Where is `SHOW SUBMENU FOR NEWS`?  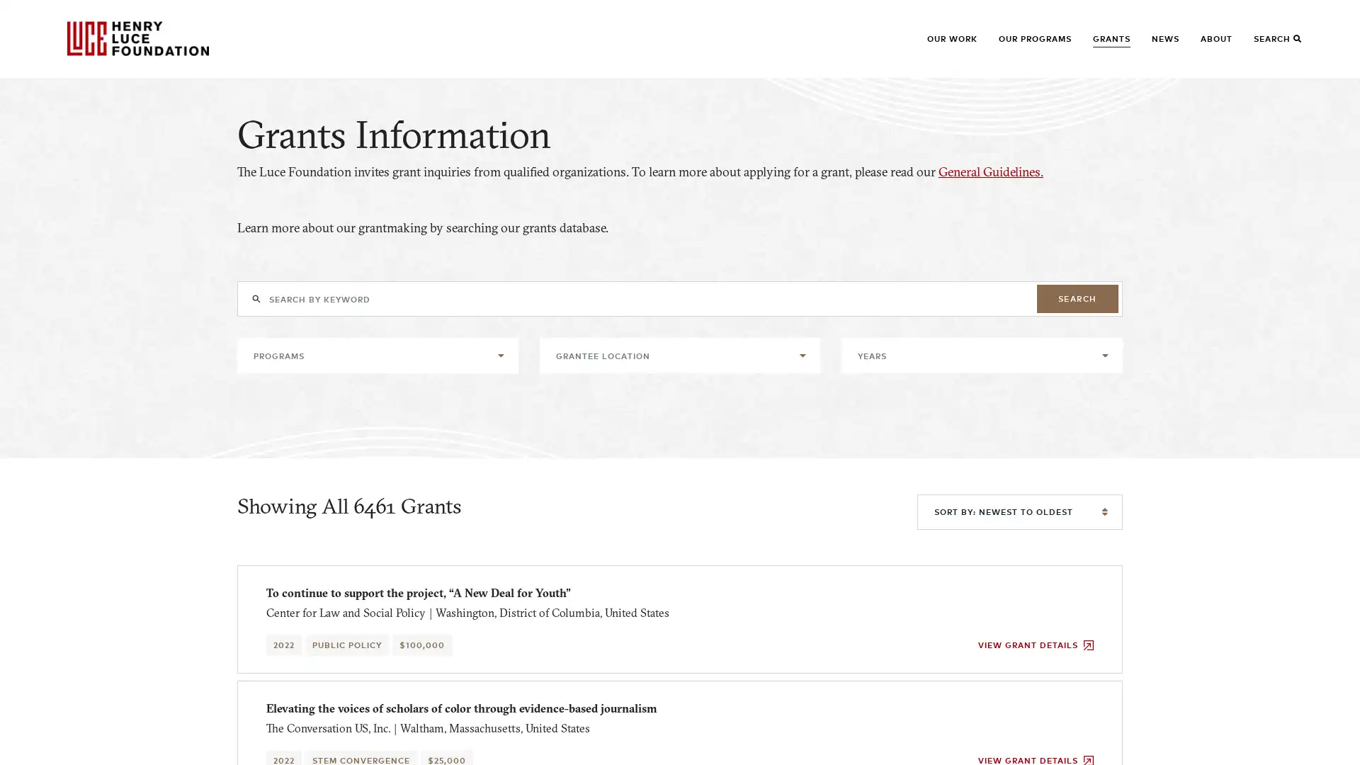
SHOW SUBMENU FOR NEWS is located at coordinates (1174, 45).